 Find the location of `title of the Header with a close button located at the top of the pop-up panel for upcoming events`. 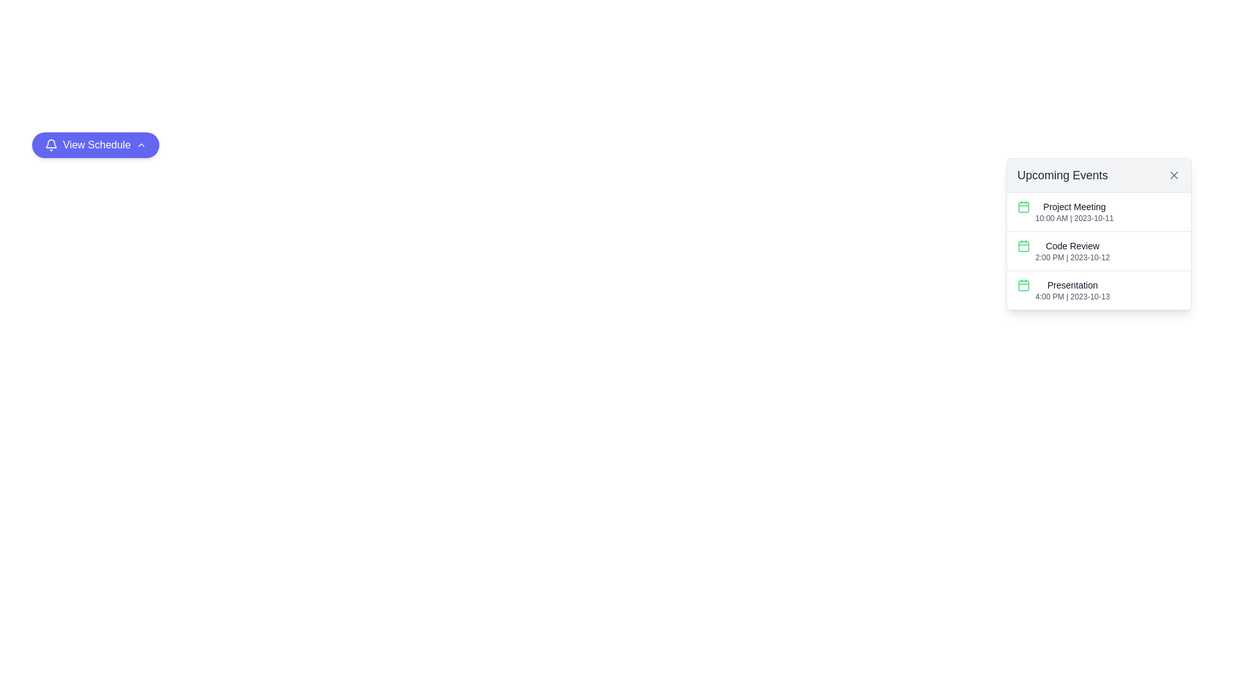

title of the Header with a close button located at the top of the pop-up panel for upcoming events is located at coordinates (1098, 175).